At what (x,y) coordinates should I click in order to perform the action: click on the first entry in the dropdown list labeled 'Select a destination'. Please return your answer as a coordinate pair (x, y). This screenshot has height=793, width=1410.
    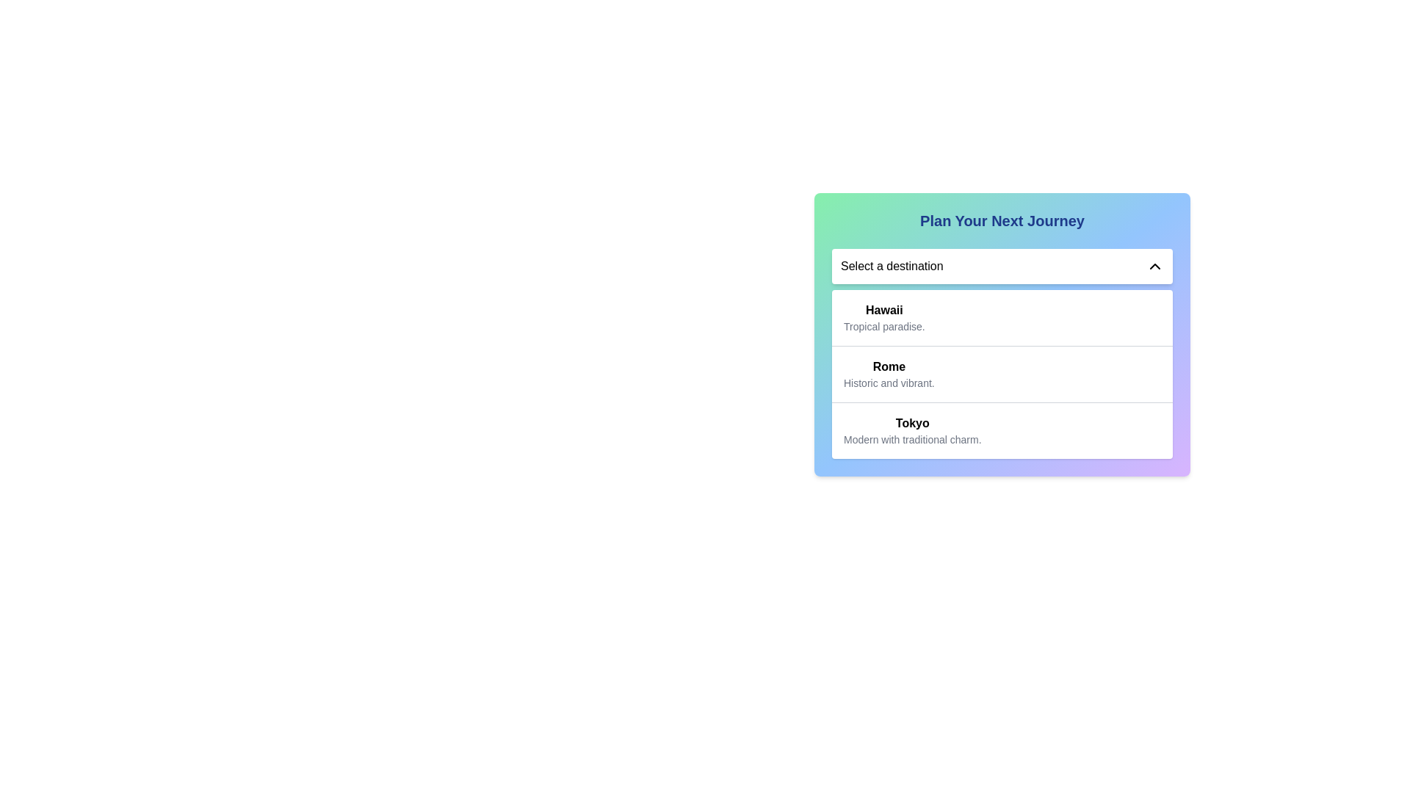
    Looking at the image, I should click on (1001, 316).